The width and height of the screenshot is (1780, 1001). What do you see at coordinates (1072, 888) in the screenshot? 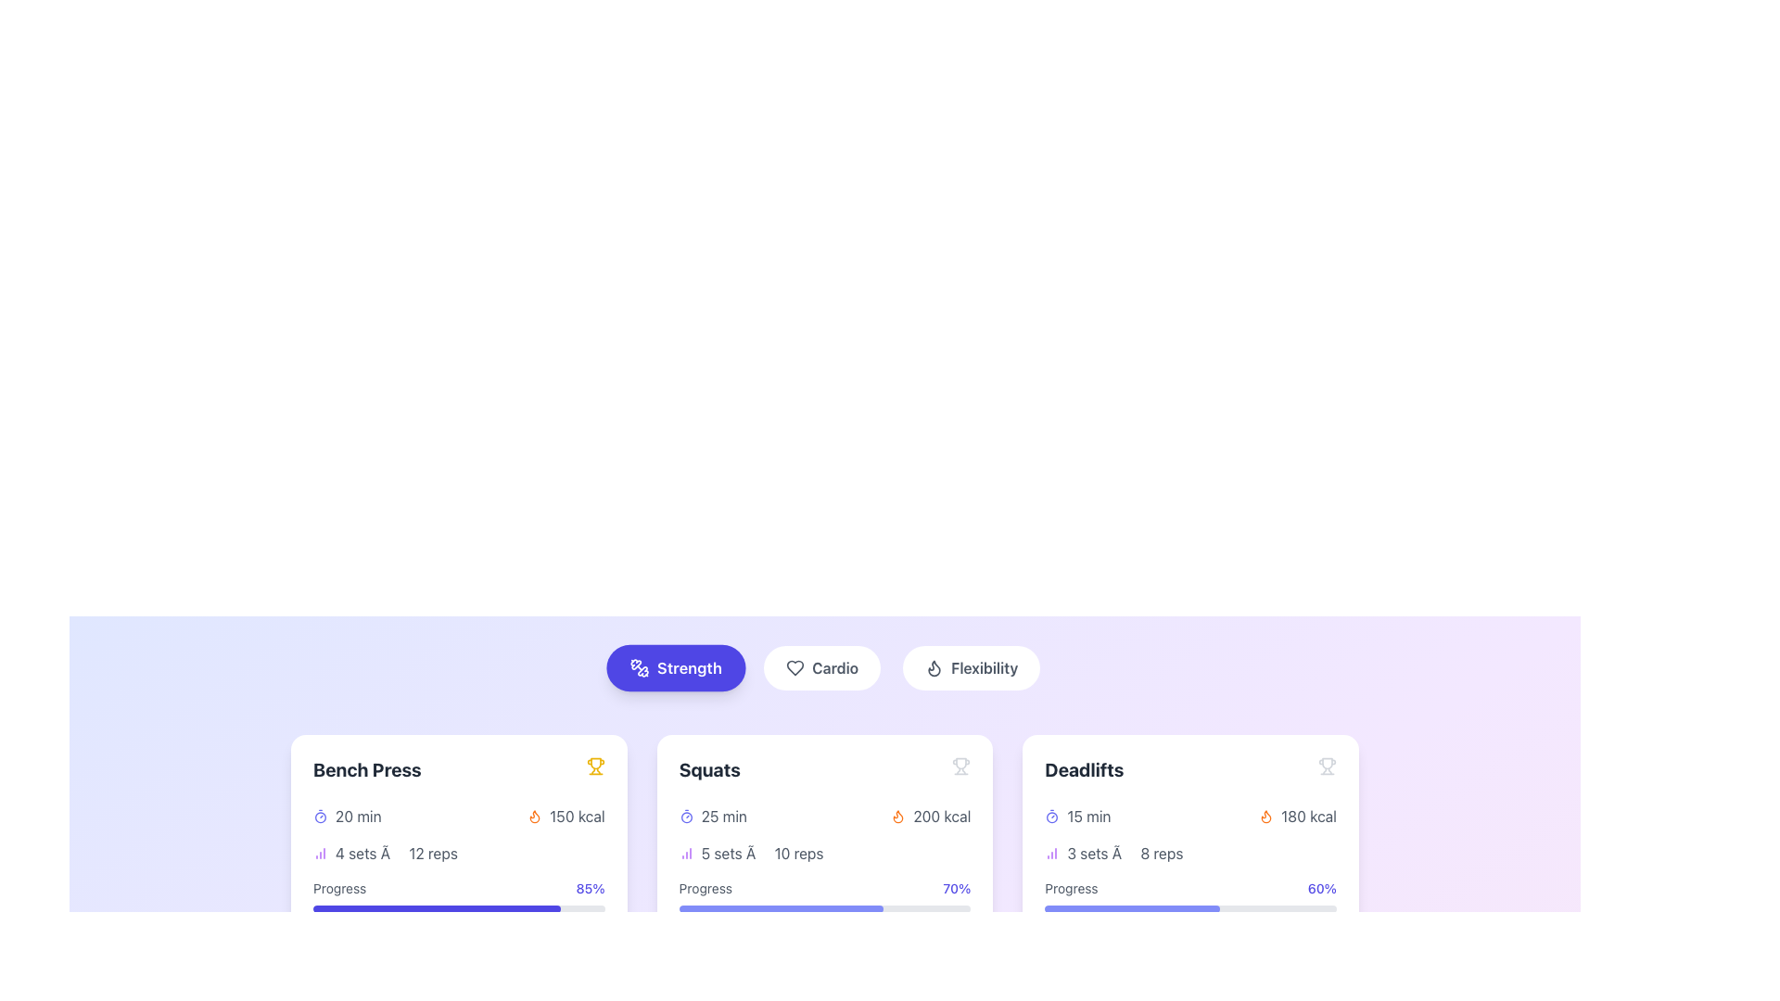
I see `the 'Progress' label on the 'Deadlifts' card, located at the bottom section near the progress bar` at bounding box center [1072, 888].